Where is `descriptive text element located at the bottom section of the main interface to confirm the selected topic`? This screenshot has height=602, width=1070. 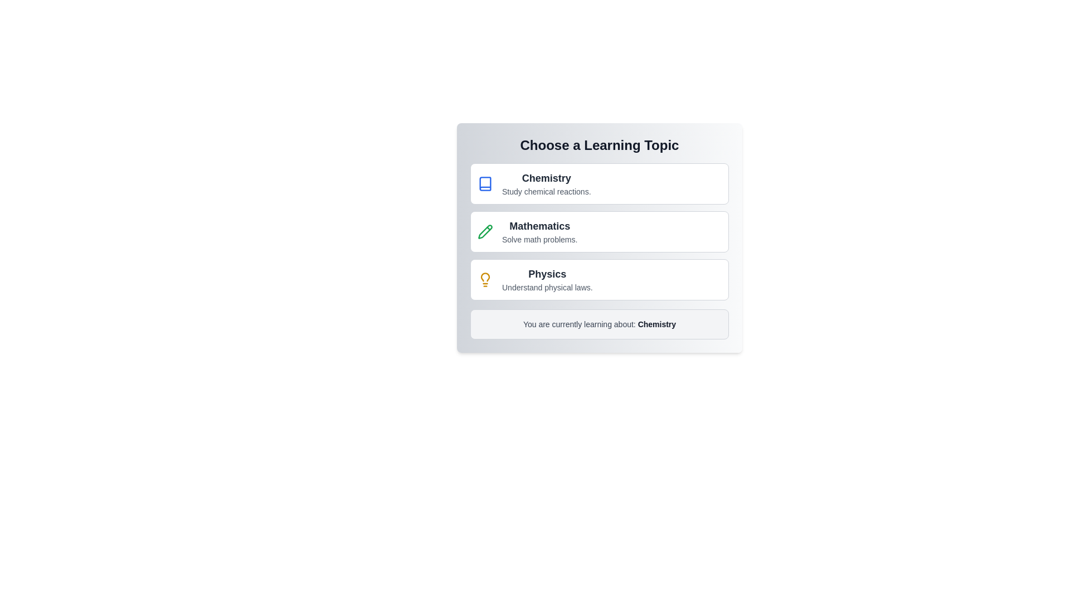 descriptive text element located at the bottom section of the main interface to confirm the selected topic is located at coordinates (599, 324).